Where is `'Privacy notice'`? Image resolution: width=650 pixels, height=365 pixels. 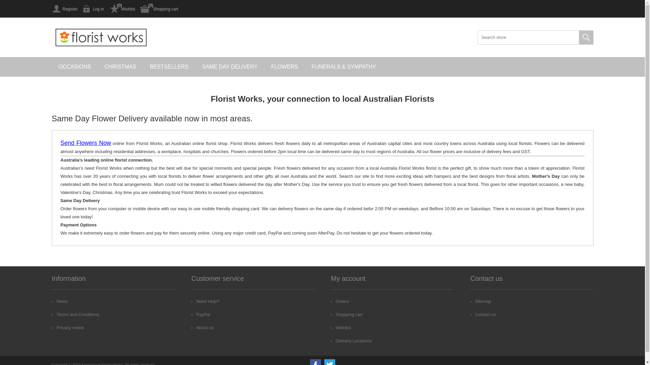
'Privacy notice' is located at coordinates (68, 327).